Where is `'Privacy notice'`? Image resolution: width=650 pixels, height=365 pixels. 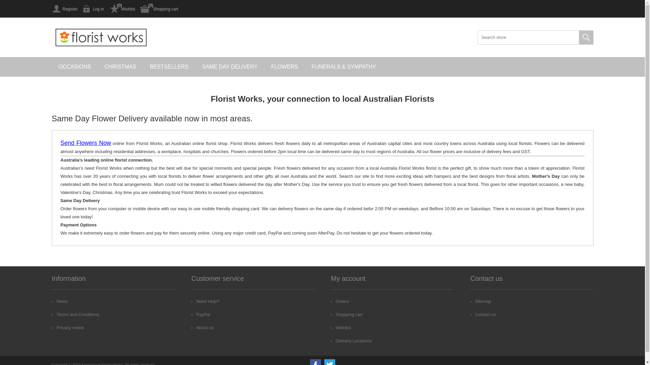
'Privacy notice' is located at coordinates (68, 327).